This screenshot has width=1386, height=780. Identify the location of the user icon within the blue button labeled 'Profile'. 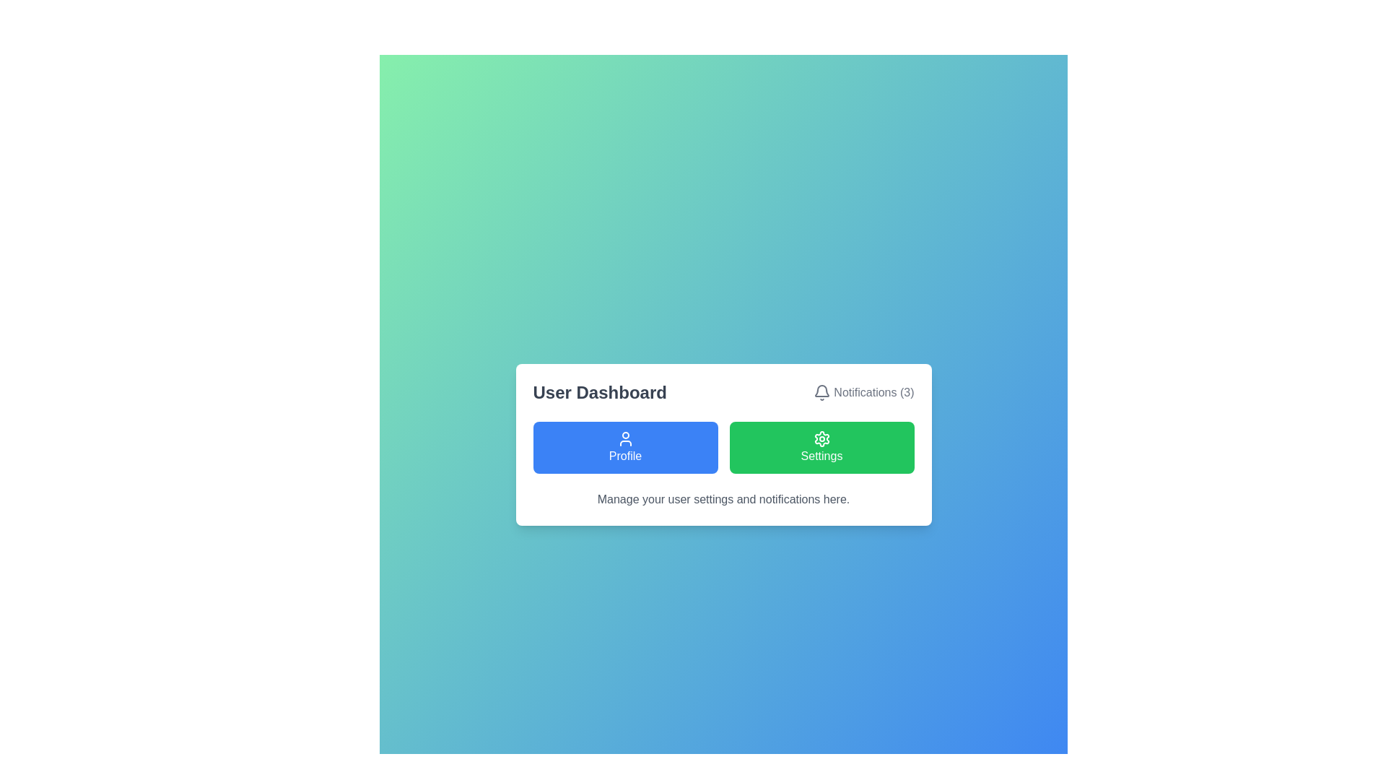
(625, 438).